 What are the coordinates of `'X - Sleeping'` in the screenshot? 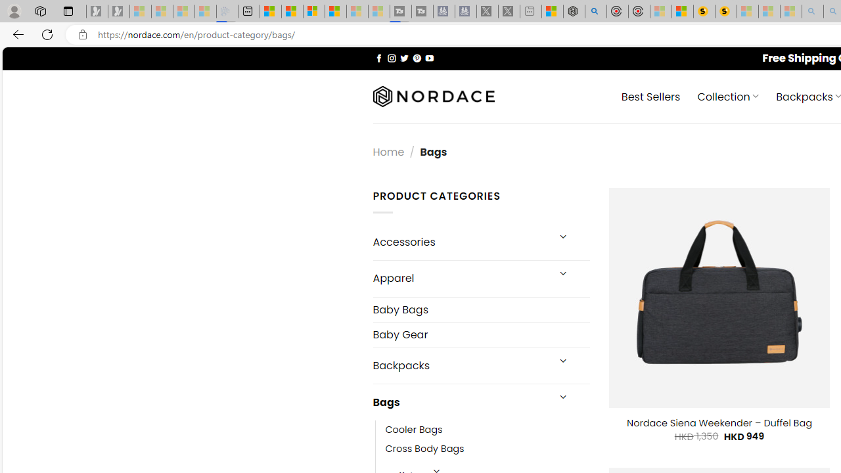 It's located at (509, 11).